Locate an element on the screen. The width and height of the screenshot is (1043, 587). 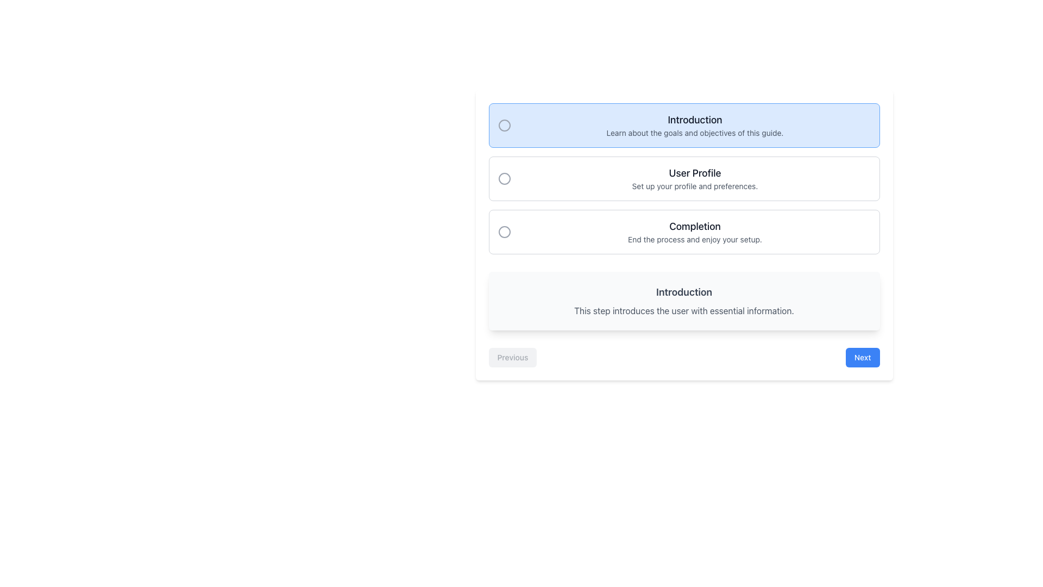
the 'User Profile' text label, which serves as the title for a section in a vertical list of options is located at coordinates (694, 173).